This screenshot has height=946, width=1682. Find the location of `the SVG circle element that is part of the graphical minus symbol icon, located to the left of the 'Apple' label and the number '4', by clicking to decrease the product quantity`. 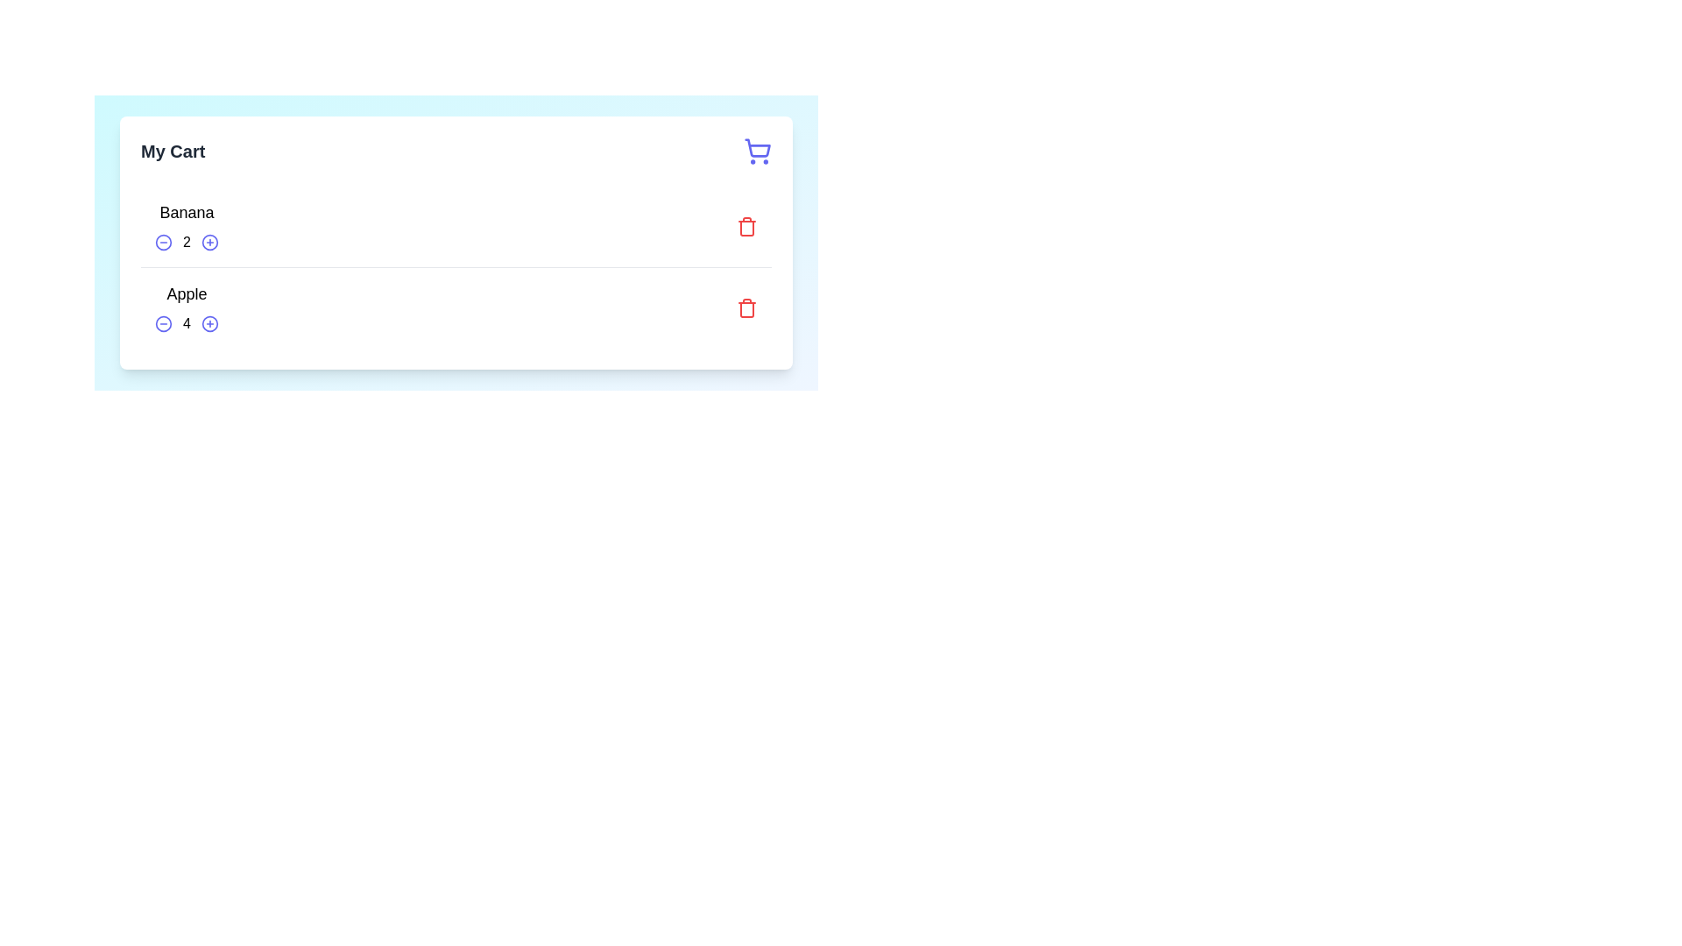

the SVG circle element that is part of the graphical minus symbol icon, located to the left of the 'Apple' label and the number '4', by clicking to decrease the product quantity is located at coordinates (164, 324).